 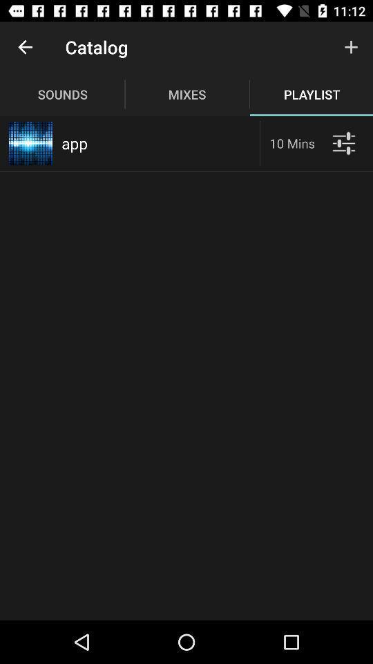 I want to click on the item next to mixes item, so click(x=351, y=47).